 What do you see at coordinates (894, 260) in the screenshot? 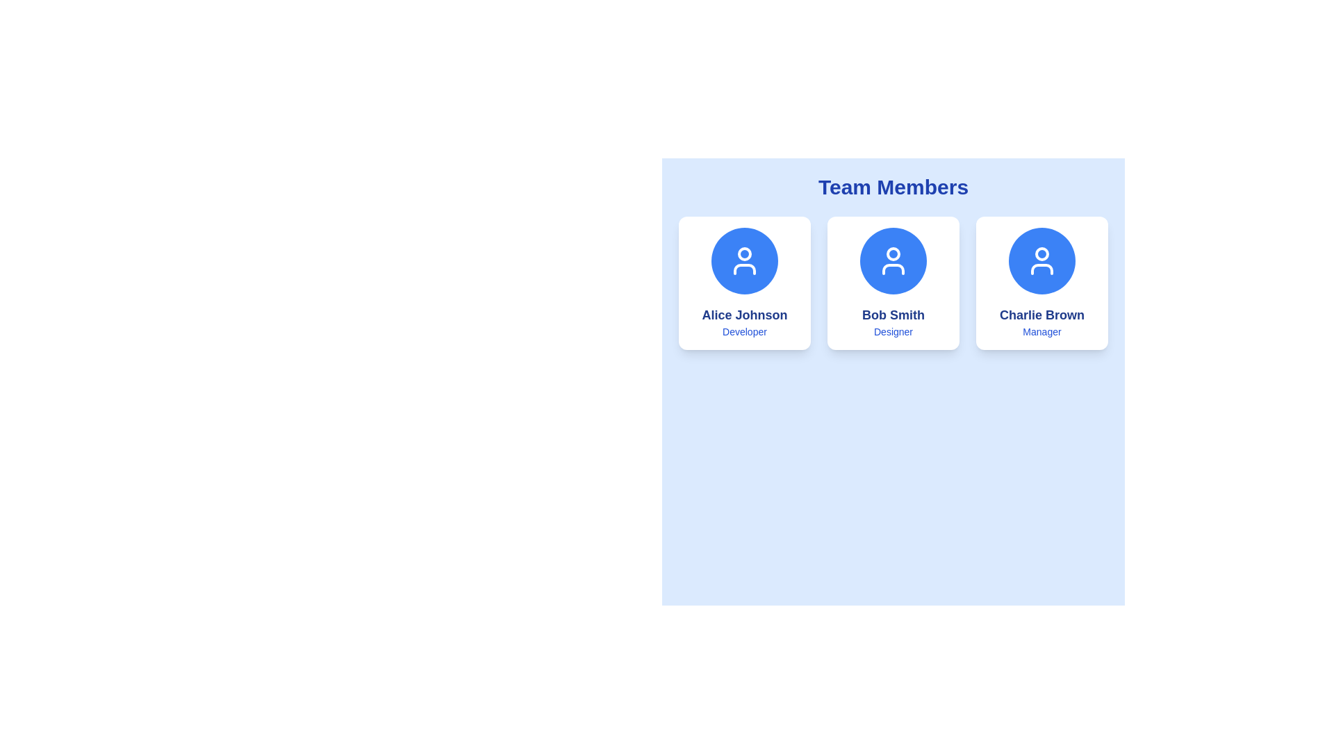
I see `the user icon with a blue background in the second card labeled 'Bob Smith Designer' under the 'Team Members' header` at bounding box center [894, 260].